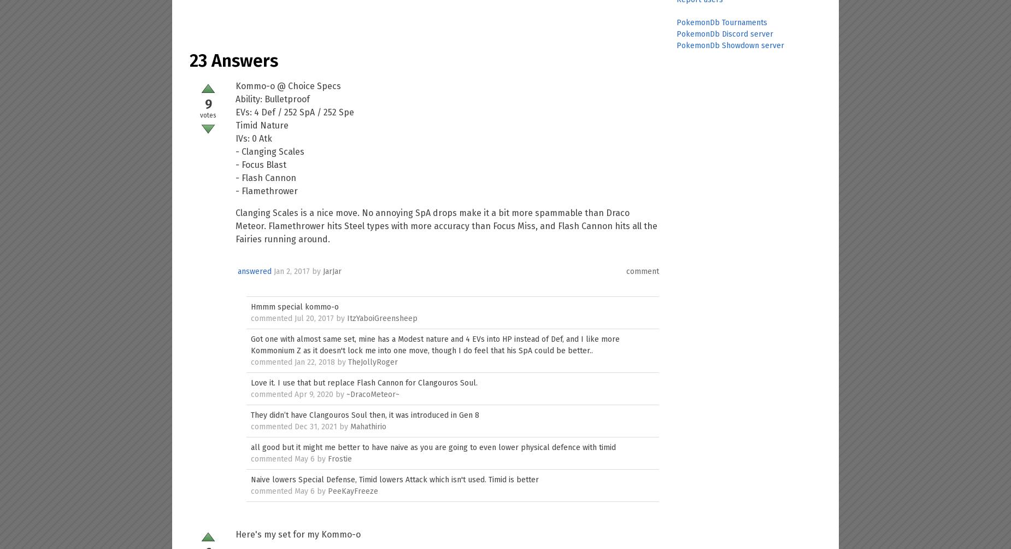 This screenshot has width=1011, height=549. Describe the element at coordinates (395, 480) in the screenshot. I see `'Naive lowers Special Defense, Timid lowers Attack which isn't used. Timid is better'` at that location.